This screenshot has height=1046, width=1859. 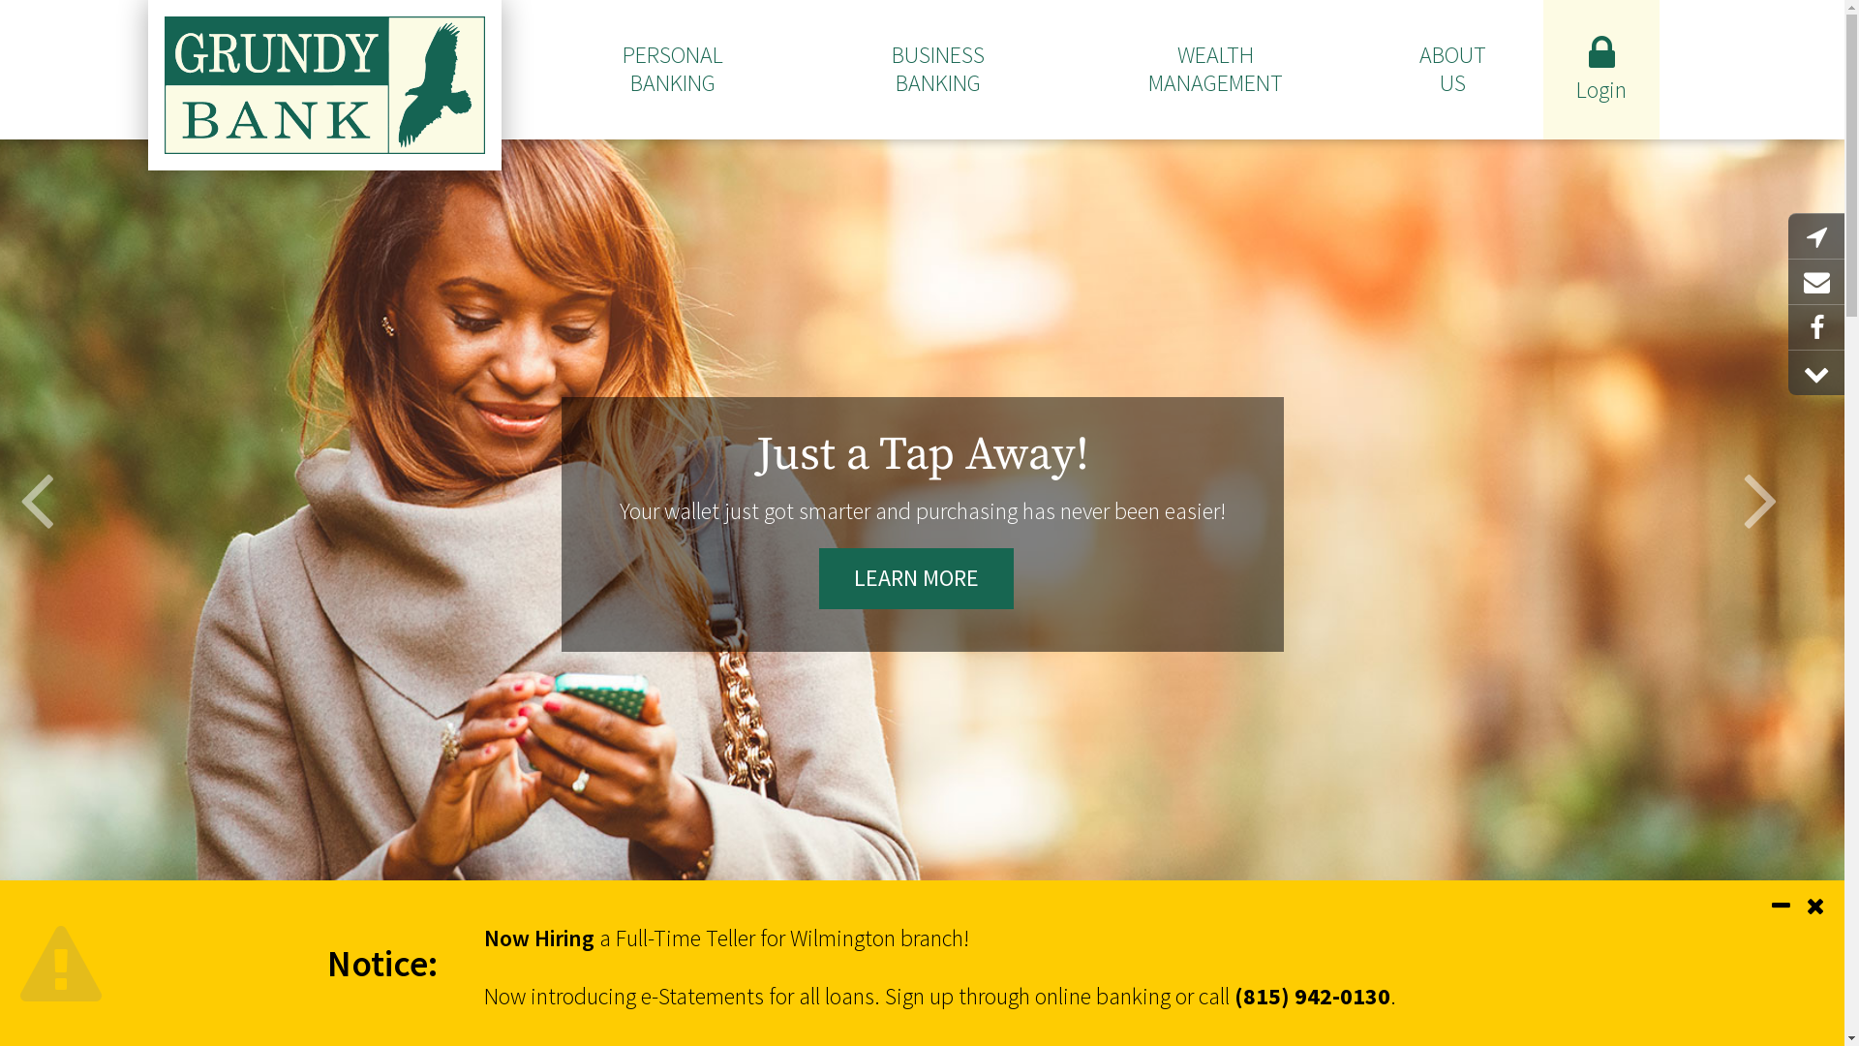 I want to click on 'Login', so click(x=1601, y=69).